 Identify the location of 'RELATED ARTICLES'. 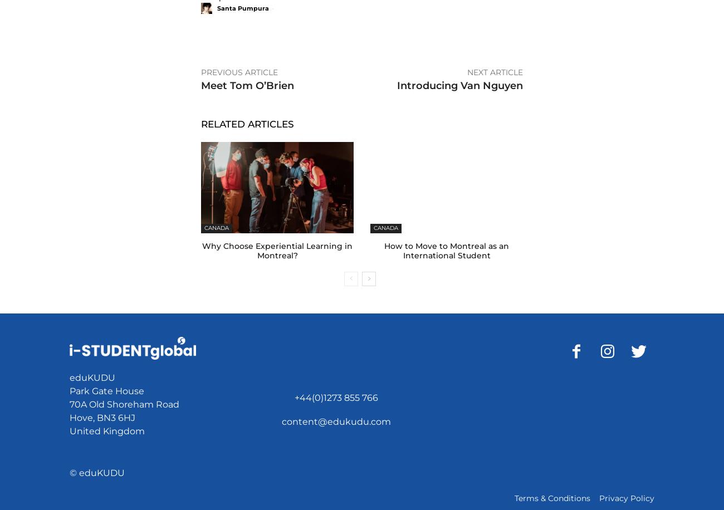
(200, 123).